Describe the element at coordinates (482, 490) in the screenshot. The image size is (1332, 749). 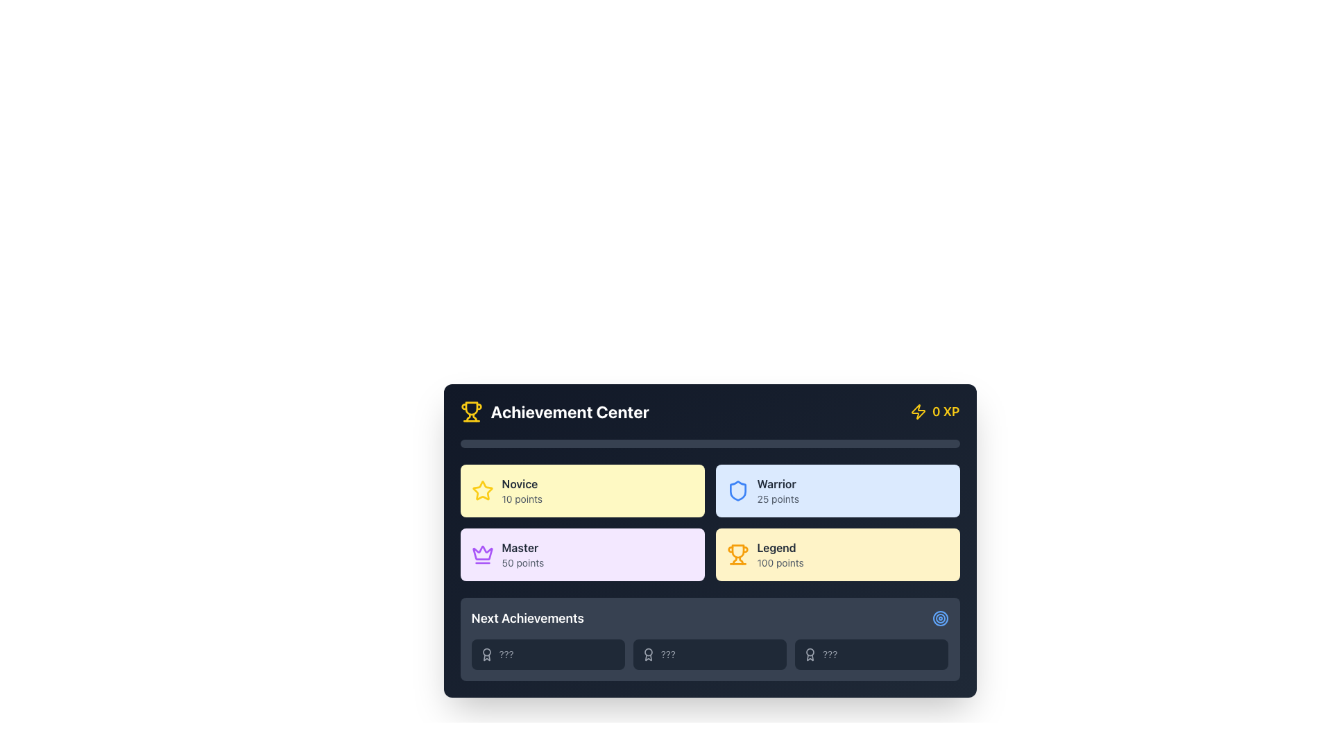
I see `the 'Novice' achievement icon, which is a star icon located in the top-left quadrant of the Achievement Center section, to the left of the 'Novice' text within a yellow rectangle` at that location.